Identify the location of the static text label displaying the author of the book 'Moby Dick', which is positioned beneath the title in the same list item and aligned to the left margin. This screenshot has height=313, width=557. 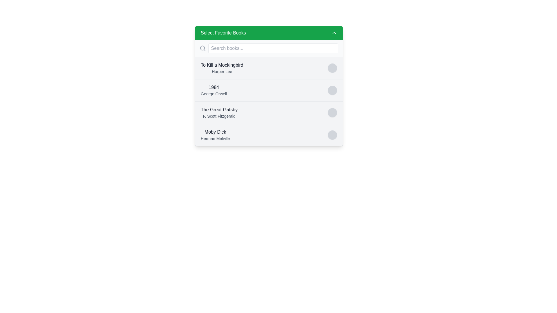
(215, 139).